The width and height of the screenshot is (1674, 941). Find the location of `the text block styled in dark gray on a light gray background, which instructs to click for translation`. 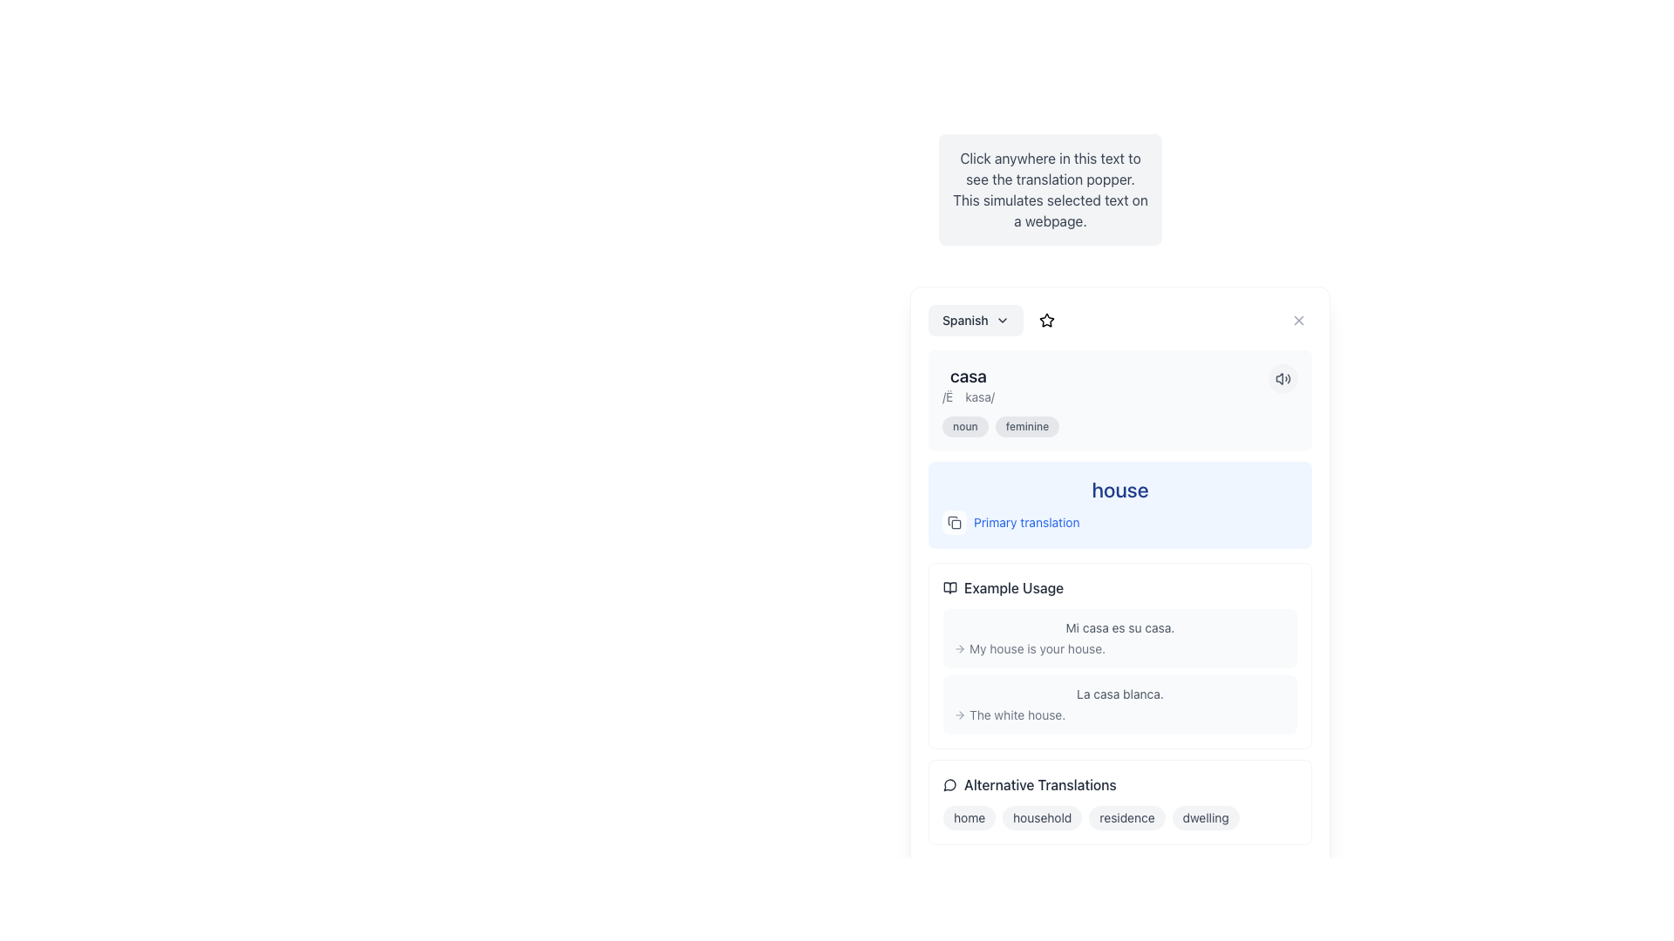

the text block styled in dark gray on a light gray background, which instructs to click for translation is located at coordinates (1049, 190).